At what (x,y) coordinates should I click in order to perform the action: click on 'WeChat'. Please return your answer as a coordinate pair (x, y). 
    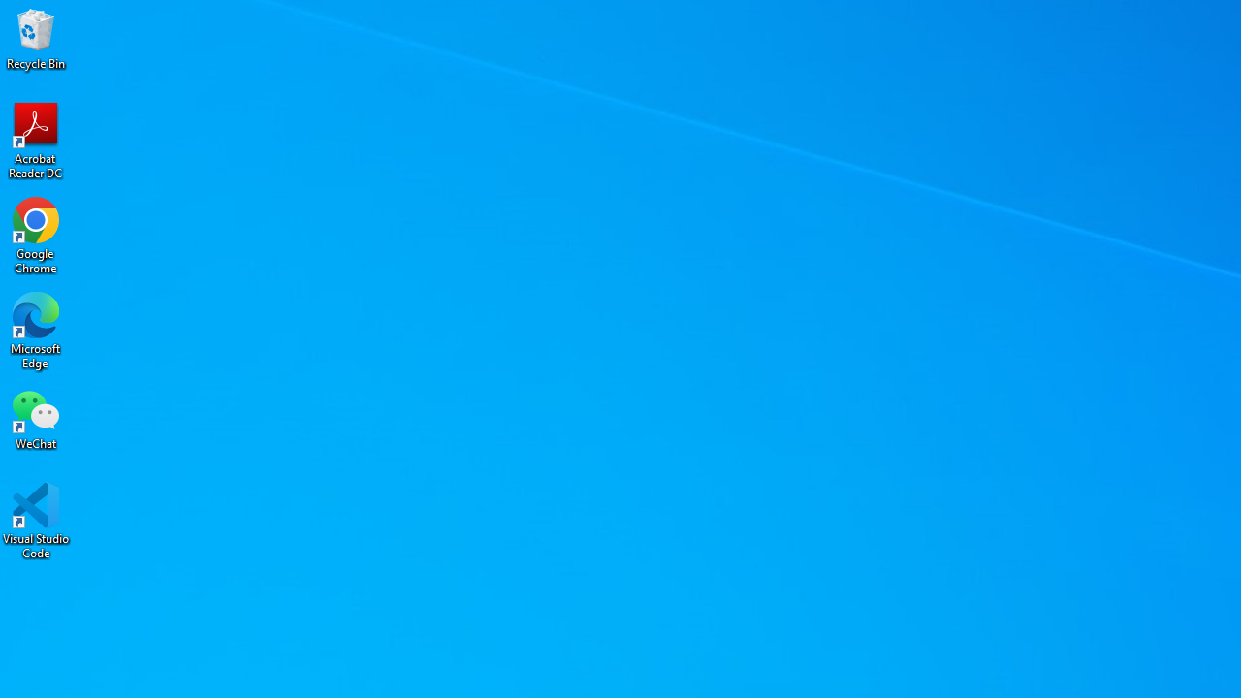
    Looking at the image, I should click on (36, 418).